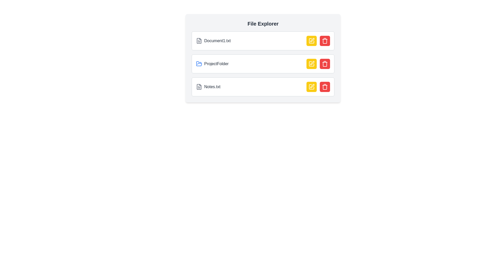 The width and height of the screenshot is (492, 276). What do you see at coordinates (318, 86) in the screenshot?
I see `the yellow button for editing the file located at the right end of the row labeled 'Notes.txt' in the file explorer interface` at bounding box center [318, 86].